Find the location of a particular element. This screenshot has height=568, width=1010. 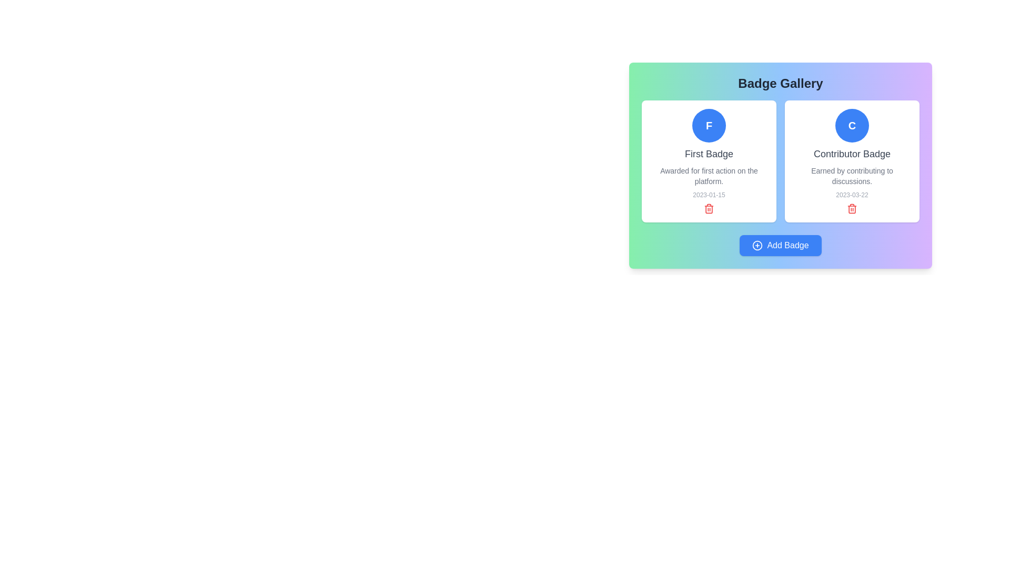

the text label displaying 'Contributor Badge', which is styled in gray and located within the card interface in the 'Badge Gallery' section, positioned below the circular badge with 'C' is located at coordinates (852, 154).